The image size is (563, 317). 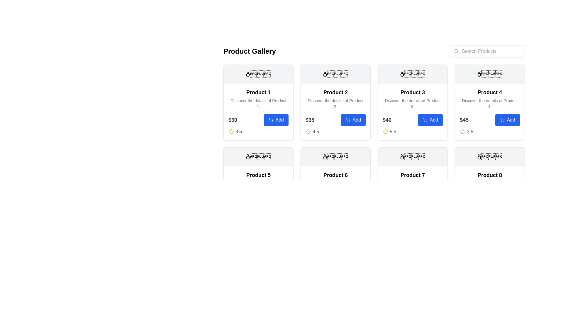 I want to click on the shopping cart icon within the 'Add' button, which features a blue background and white text, located at the bottom section of the product card, so click(x=270, y=119).